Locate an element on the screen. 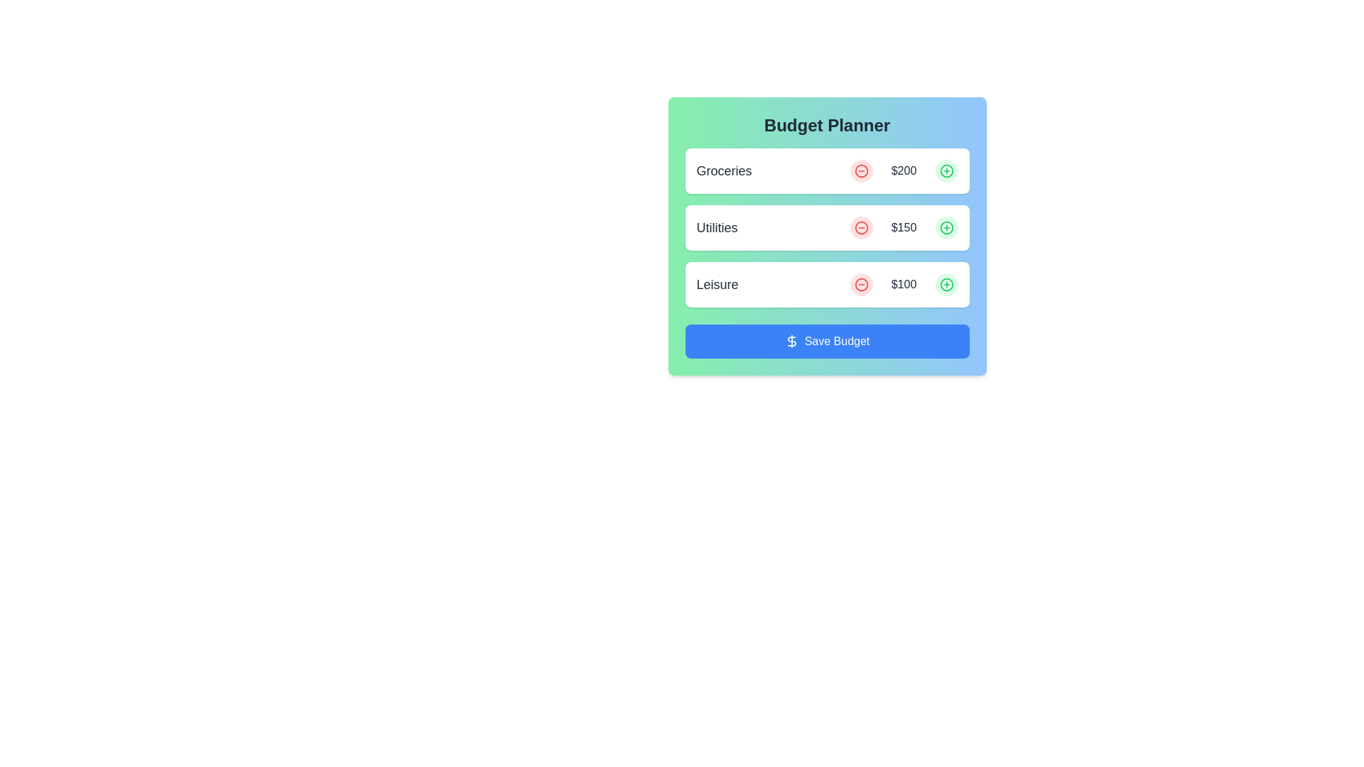 The image size is (1364, 767). the green outlined circular button with a '+' icon to initiate an add action is located at coordinates (946, 227).